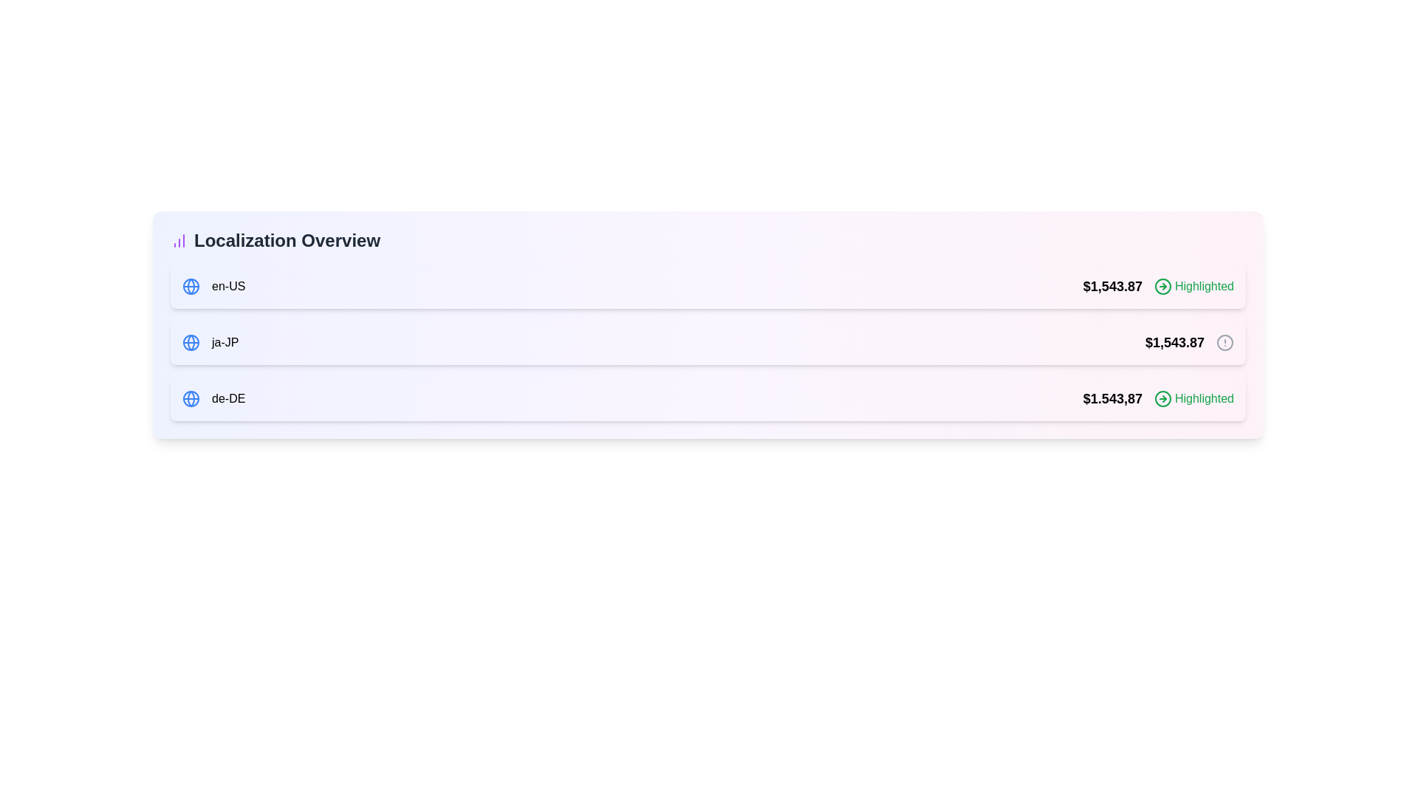 The image size is (1418, 798). What do you see at coordinates (191, 399) in the screenshot?
I see `the decorative globe icon located to the immediate left of the 'de-DE' text in the third row of the vertically stacked list` at bounding box center [191, 399].